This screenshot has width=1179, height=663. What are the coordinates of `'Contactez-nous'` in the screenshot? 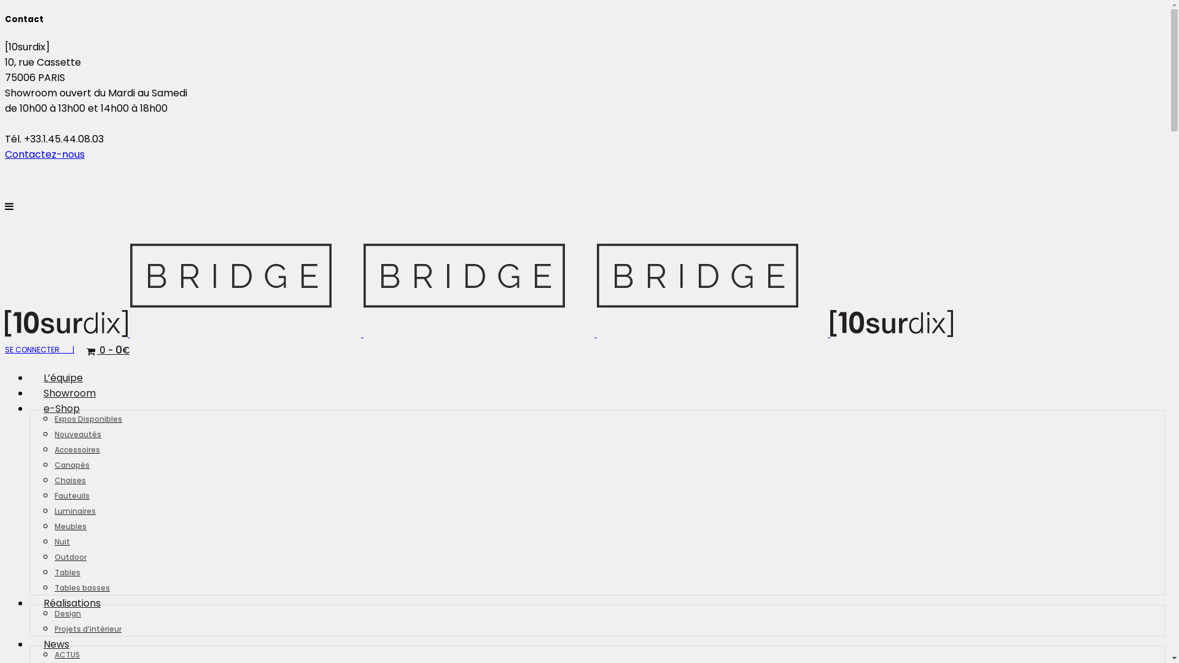 It's located at (44, 153).